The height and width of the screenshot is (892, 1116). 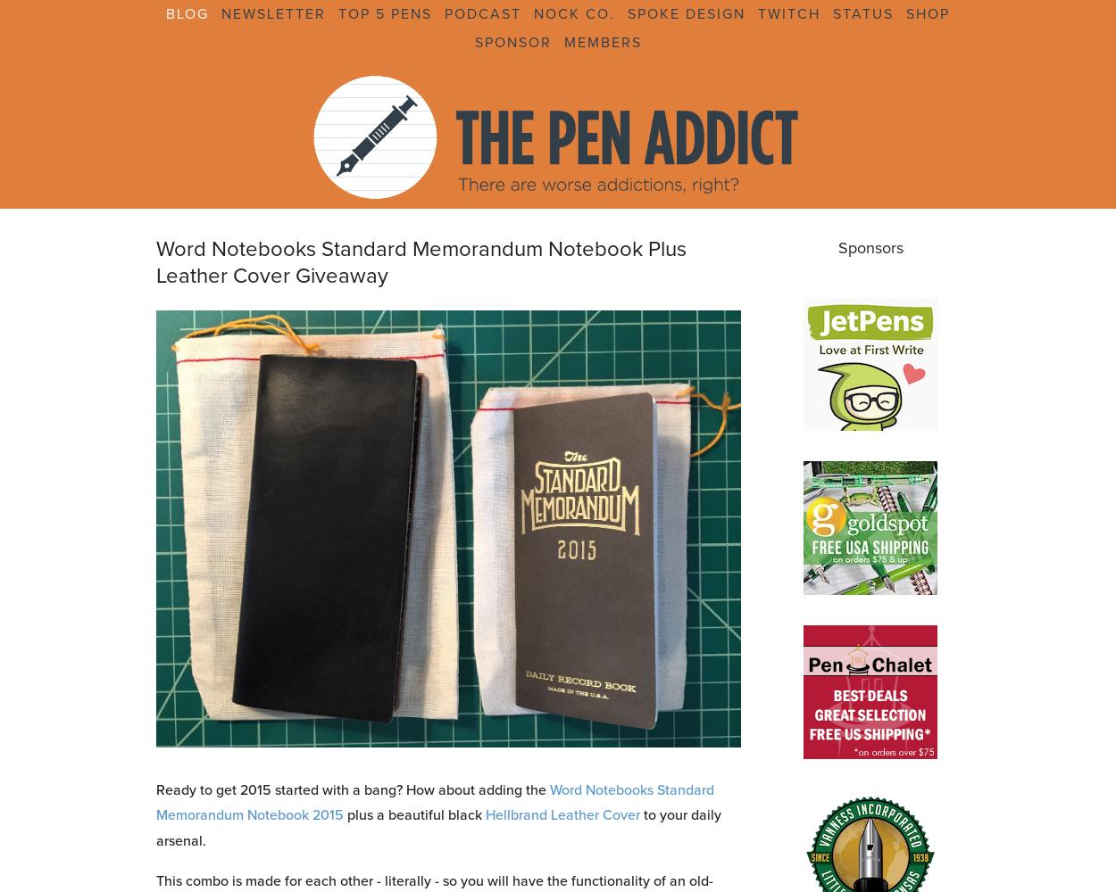 What do you see at coordinates (437, 828) in the screenshot?
I see `'to your daily arsenal.'` at bounding box center [437, 828].